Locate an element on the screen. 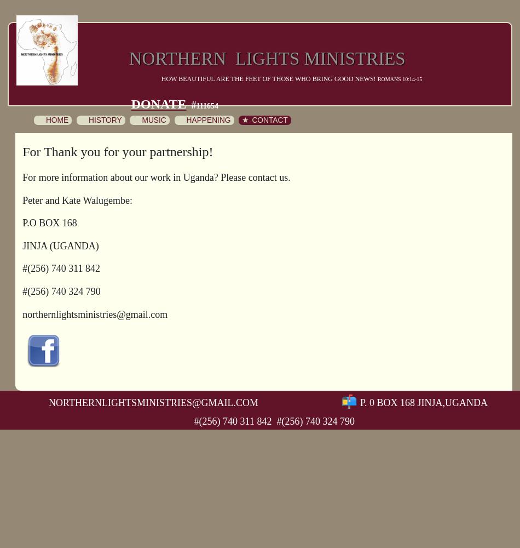  '#(256) 740 324 790' is located at coordinates (61, 291).